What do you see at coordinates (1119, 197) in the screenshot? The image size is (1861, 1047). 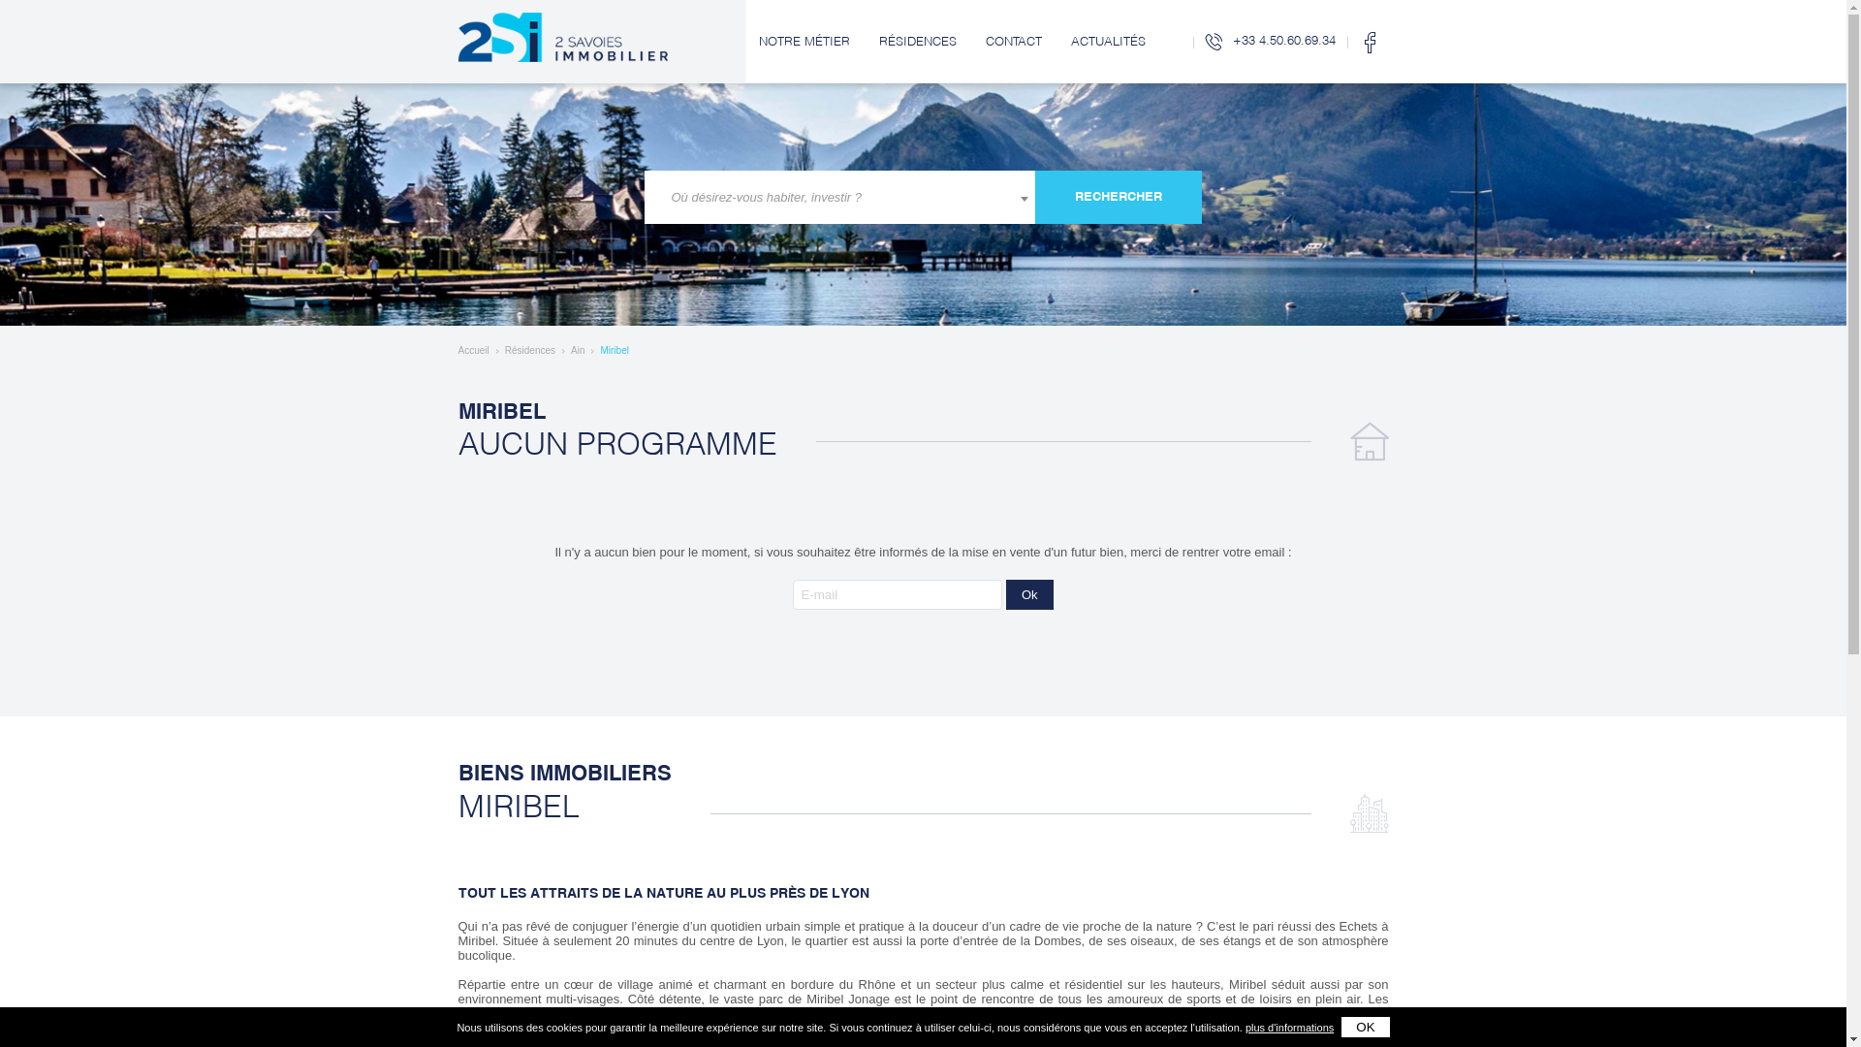 I see `'Rechercher'` at bounding box center [1119, 197].